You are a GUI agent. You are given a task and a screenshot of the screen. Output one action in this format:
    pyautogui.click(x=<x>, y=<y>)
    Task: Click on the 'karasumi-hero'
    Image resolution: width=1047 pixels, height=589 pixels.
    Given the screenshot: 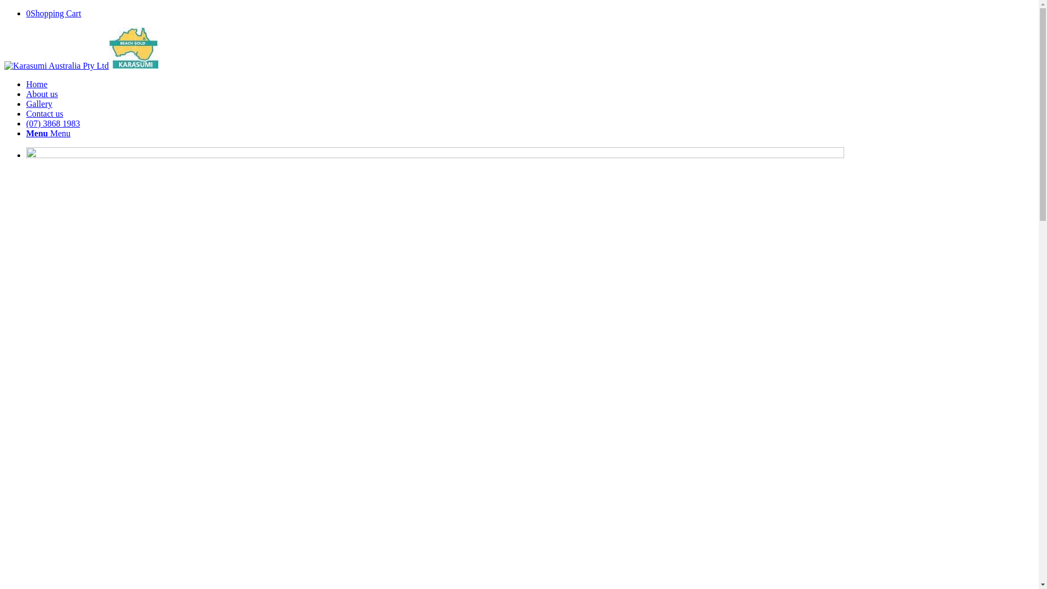 What is the action you would take?
    pyautogui.click(x=434, y=319)
    